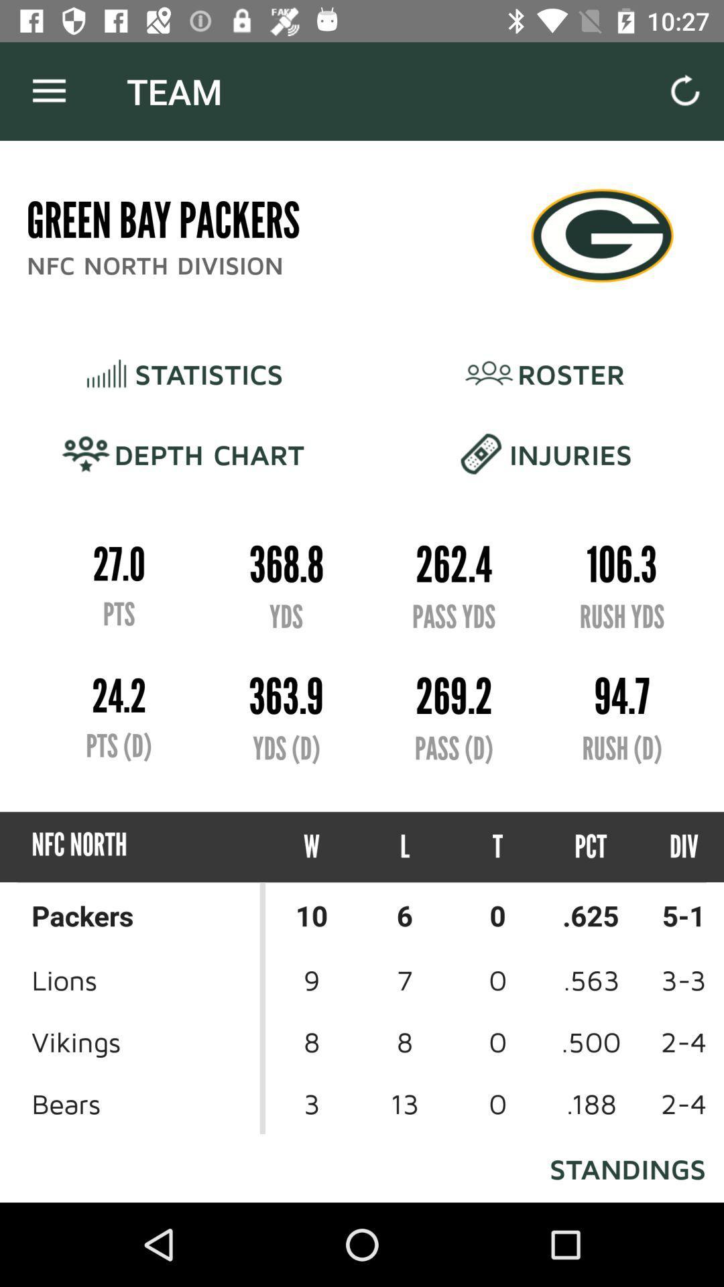 This screenshot has height=1287, width=724. Describe the element at coordinates (312, 846) in the screenshot. I see `the icon next to l item` at that location.